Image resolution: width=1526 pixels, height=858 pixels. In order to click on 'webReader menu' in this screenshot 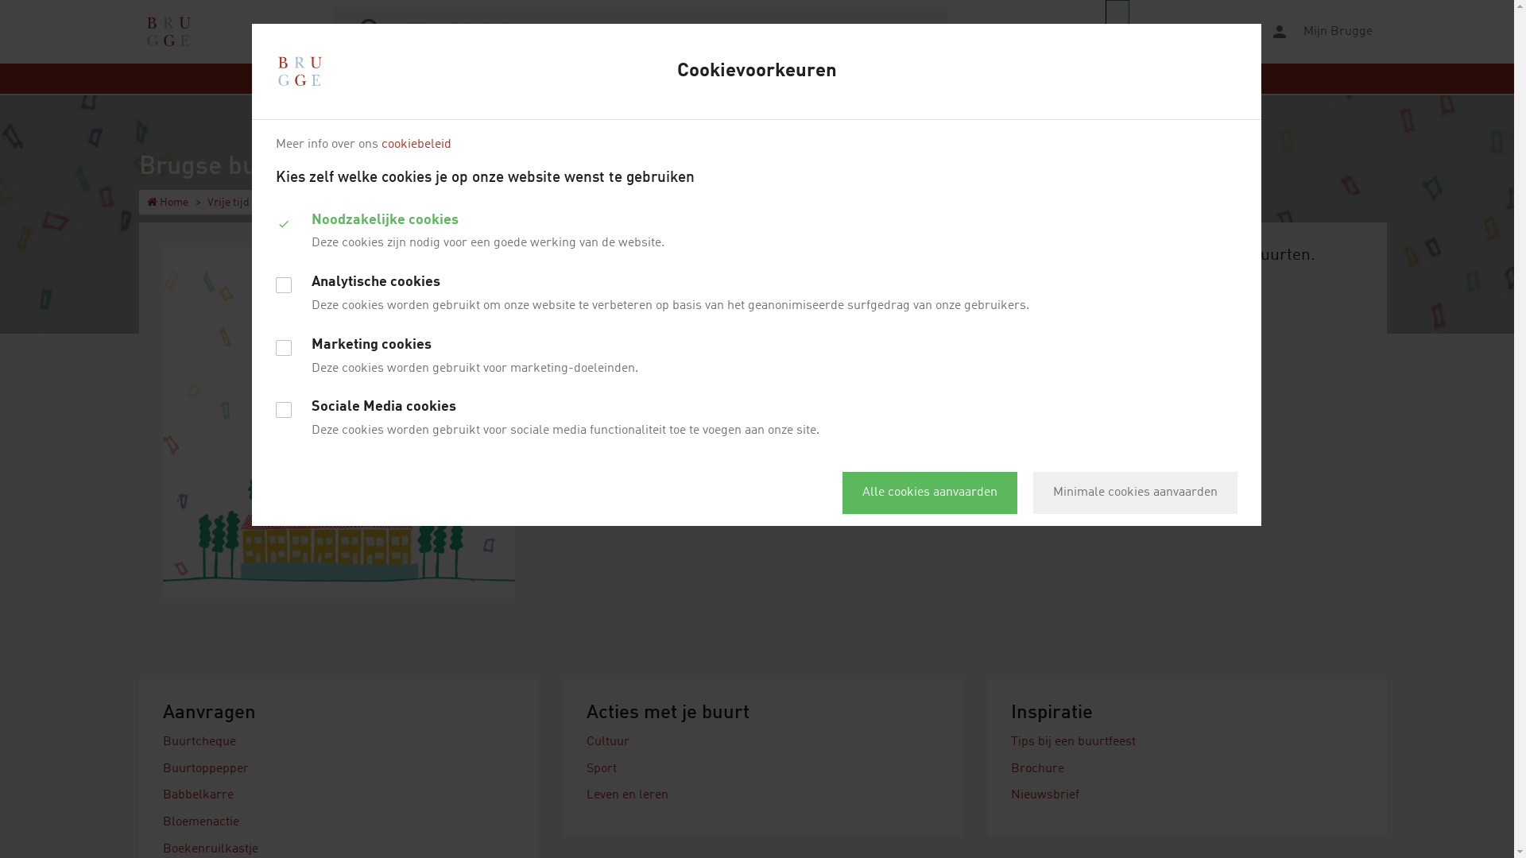, I will do `click(1117, 31)`.